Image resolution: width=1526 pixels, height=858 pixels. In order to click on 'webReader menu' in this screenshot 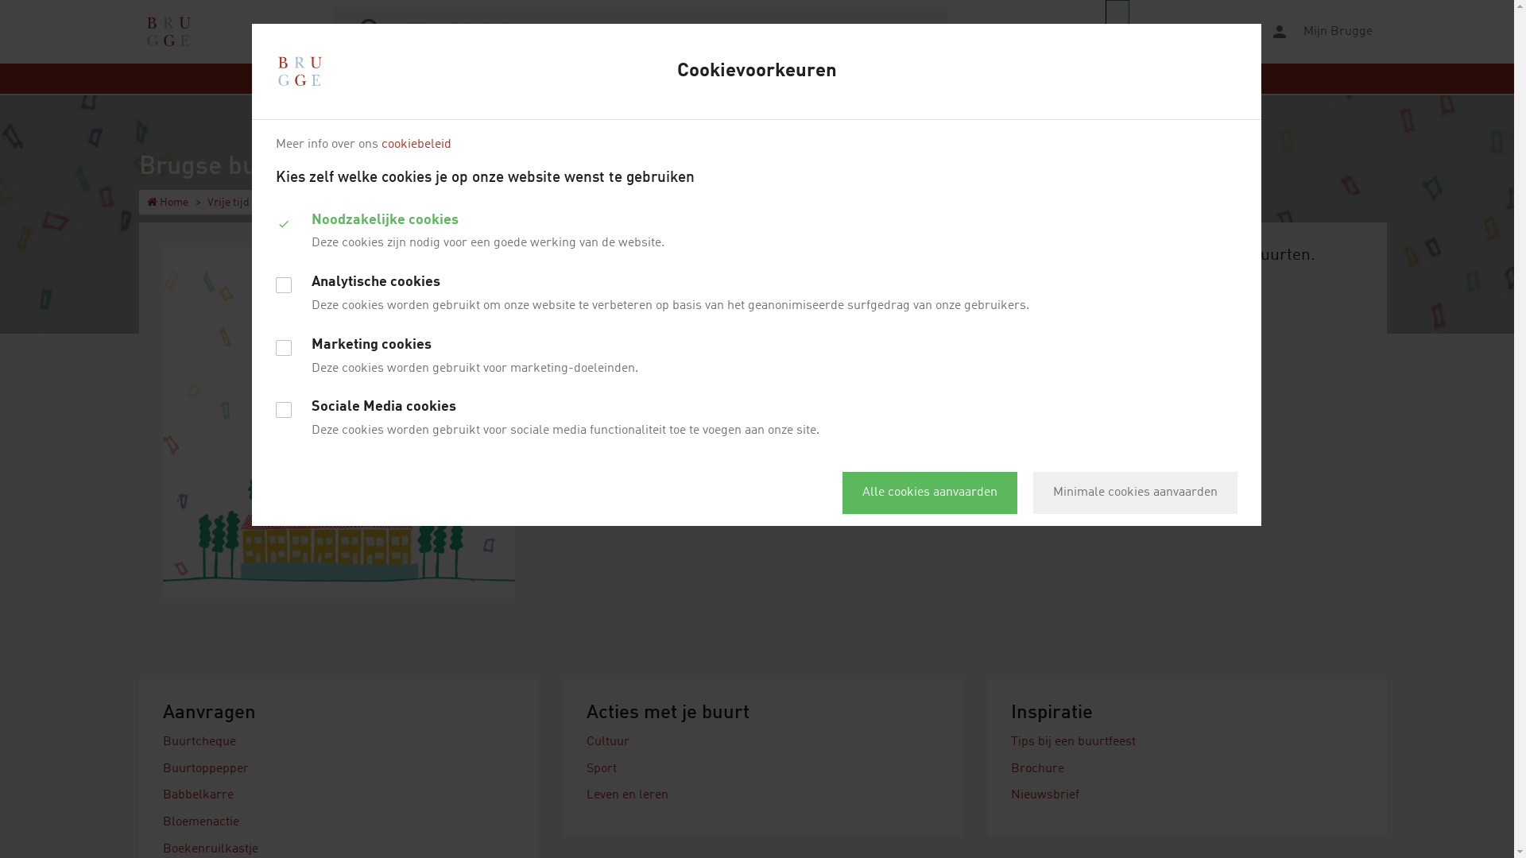, I will do `click(1117, 31)`.